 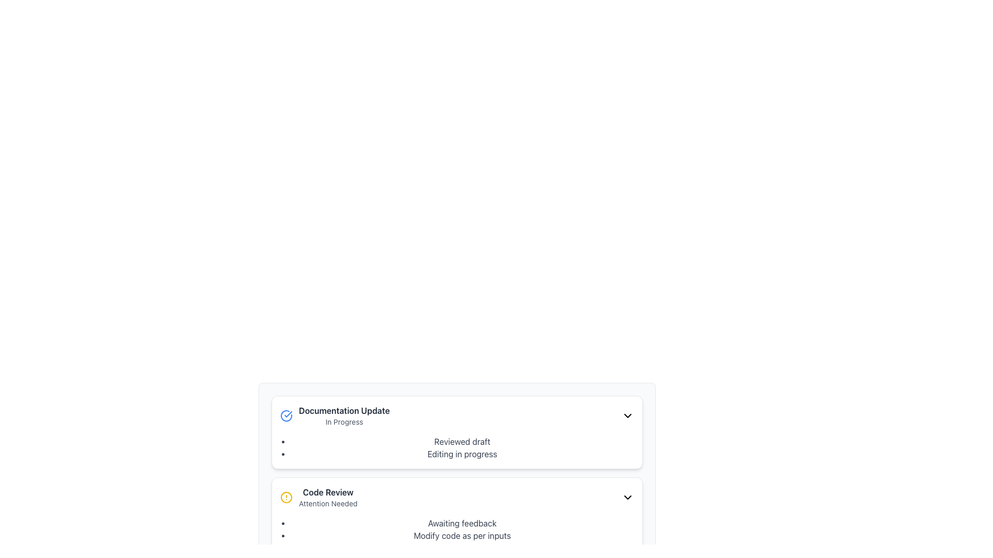 What do you see at coordinates (492, 457) in the screenshot?
I see `the status message element that displays the current phase of the documentation update process, located below the 'Reviewed draft' text in the 'Documentation Update' card` at bounding box center [492, 457].